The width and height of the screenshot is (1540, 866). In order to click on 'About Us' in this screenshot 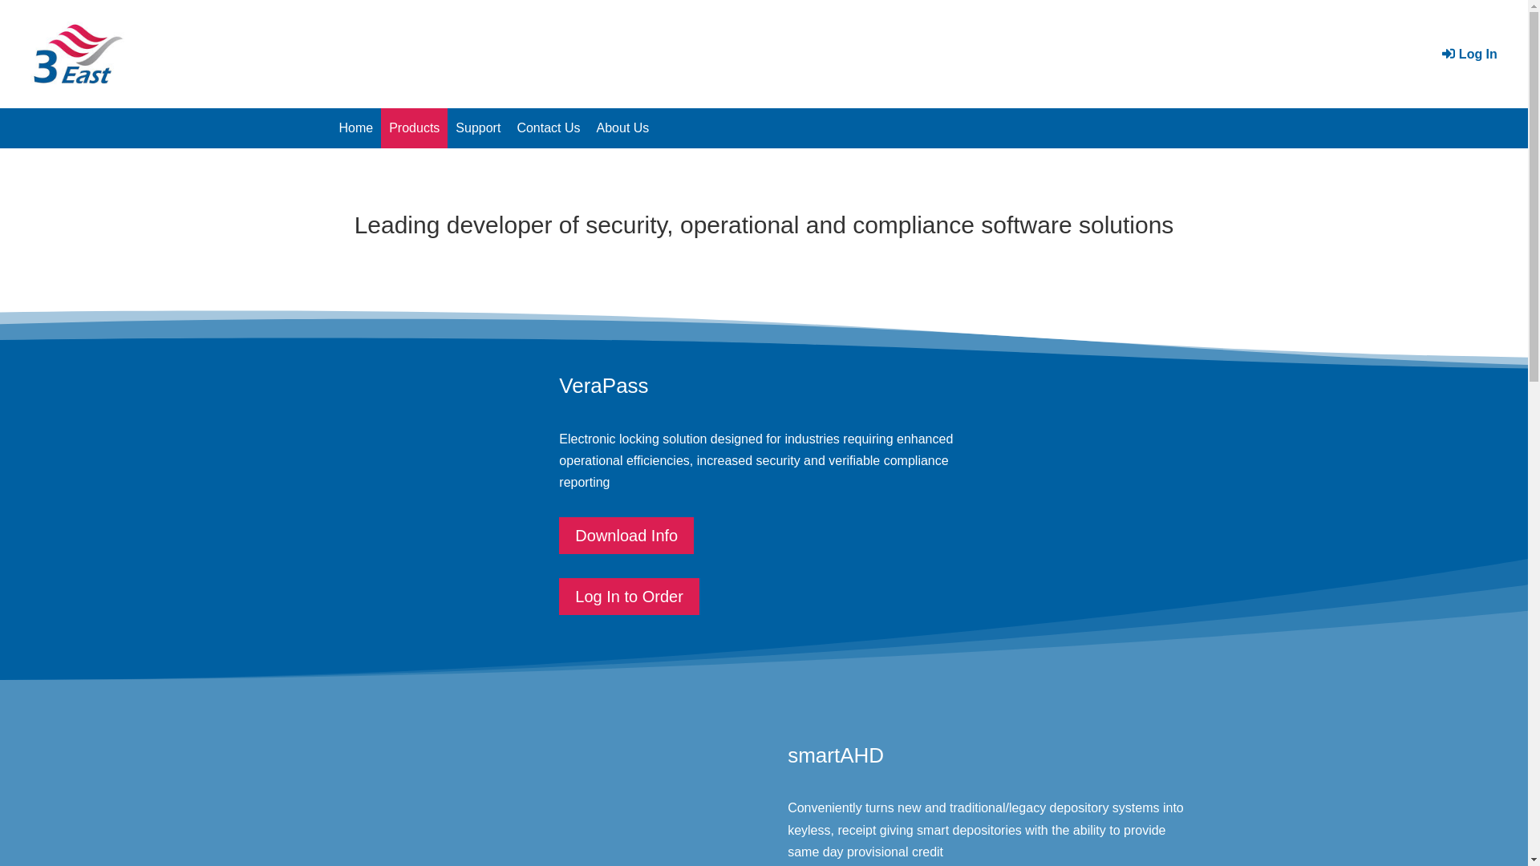, I will do `click(622, 127)`.